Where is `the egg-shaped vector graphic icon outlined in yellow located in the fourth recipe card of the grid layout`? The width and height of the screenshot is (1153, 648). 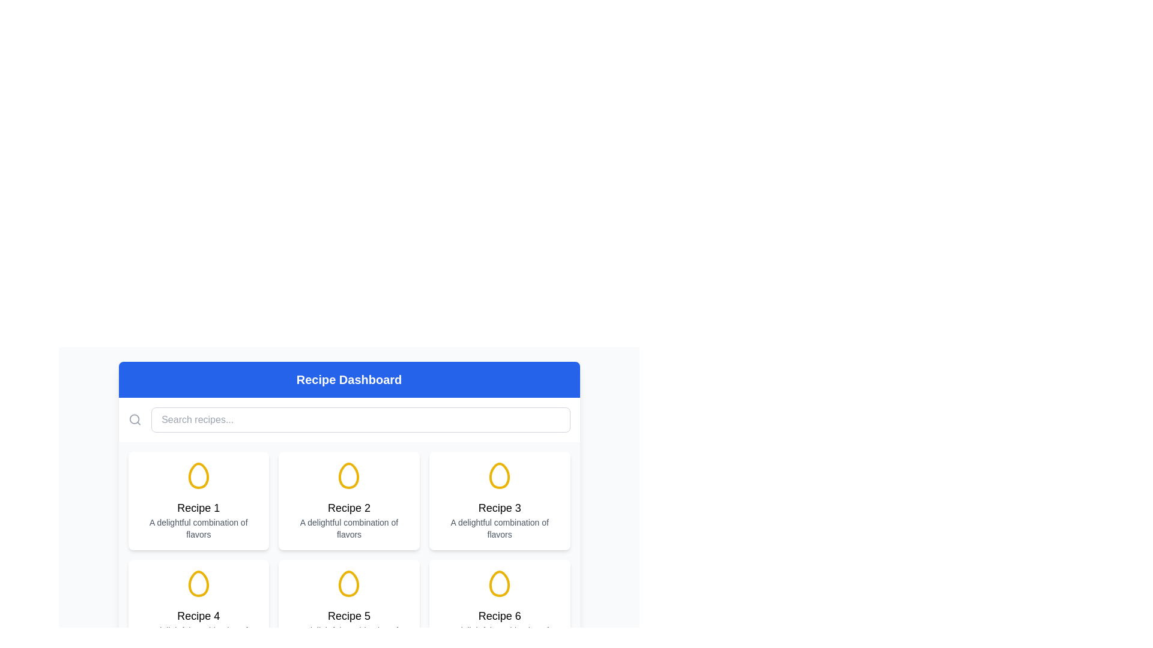
the egg-shaped vector graphic icon outlined in yellow located in the fourth recipe card of the grid layout is located at coordinates (198, 583).